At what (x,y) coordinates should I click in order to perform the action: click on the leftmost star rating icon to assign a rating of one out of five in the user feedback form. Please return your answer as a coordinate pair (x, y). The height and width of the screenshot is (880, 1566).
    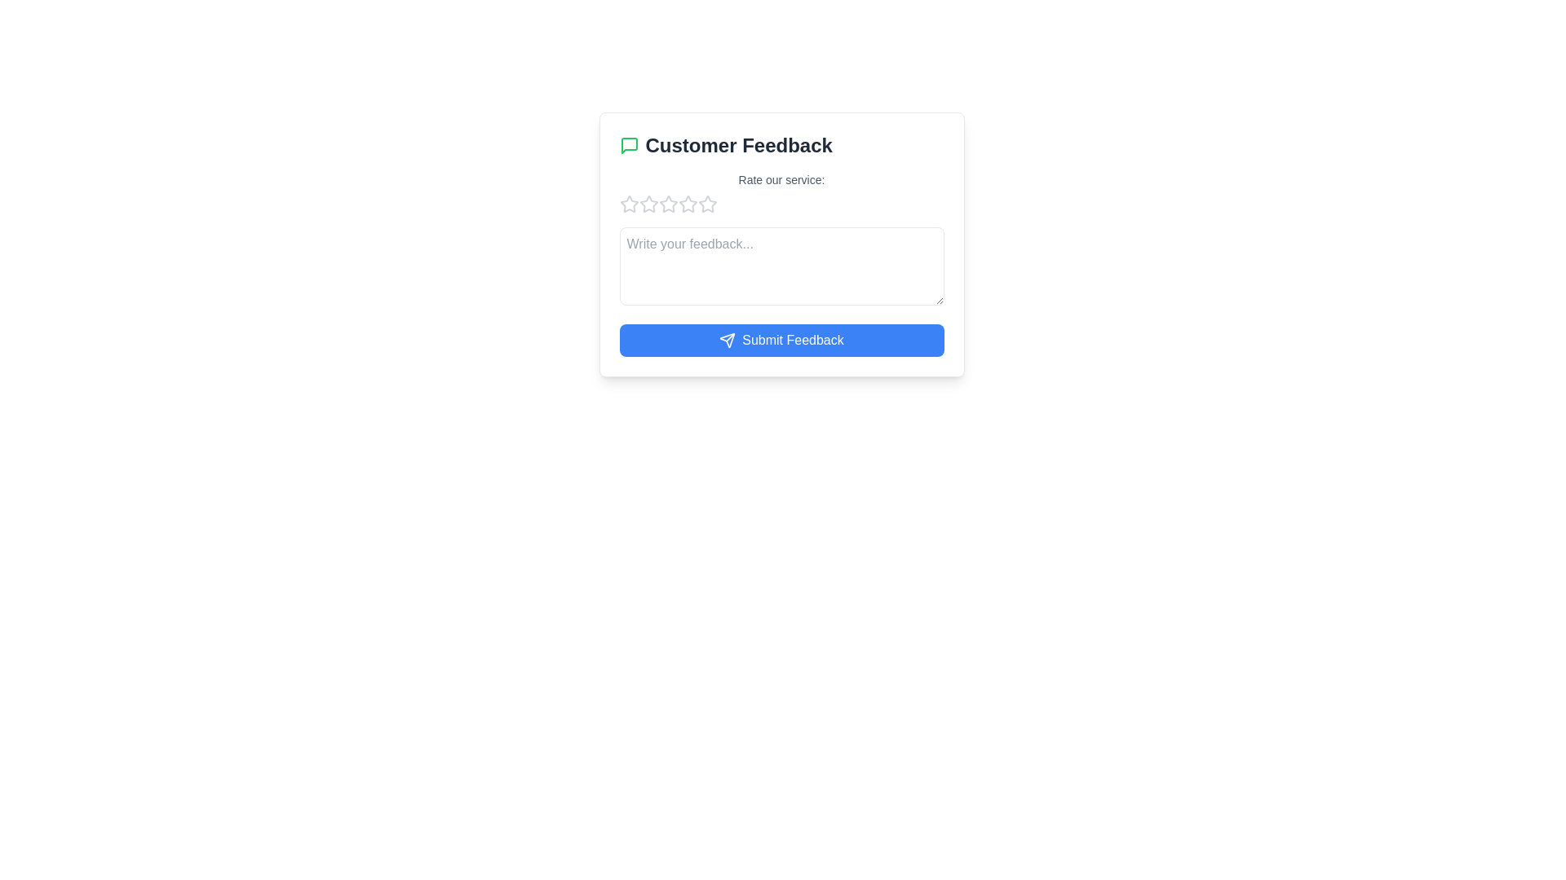
    Looking at the image, I should click on (628, 203).